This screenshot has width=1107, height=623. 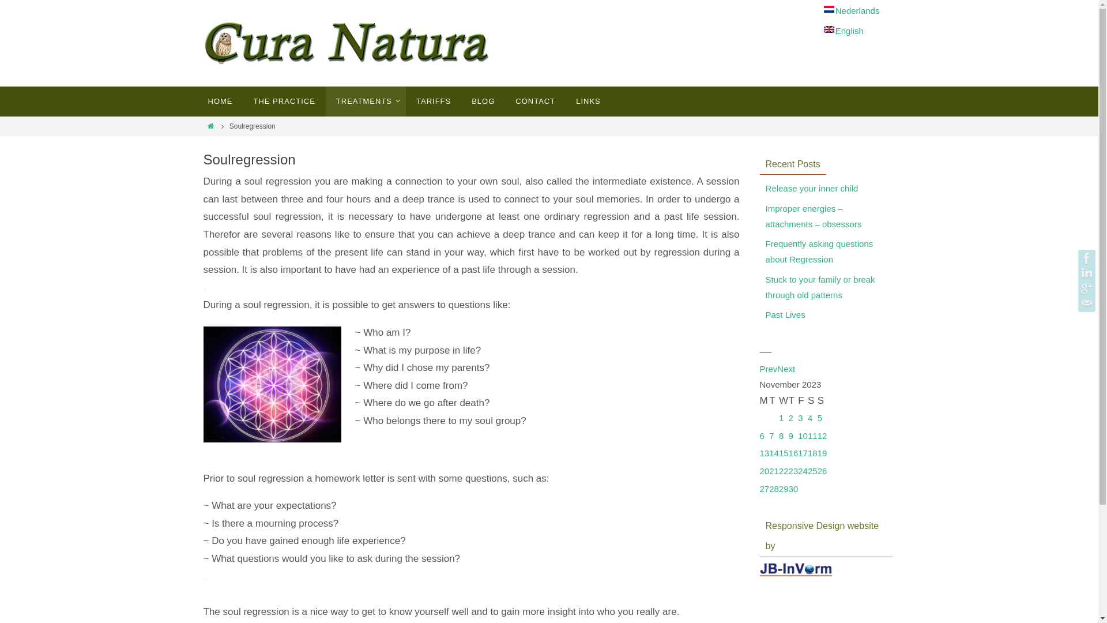 What do you see at coordinates (819, 287) in the screenshot?
I see `'Stuck to your family or break through old patterns'` at bounding box center [819, 287].